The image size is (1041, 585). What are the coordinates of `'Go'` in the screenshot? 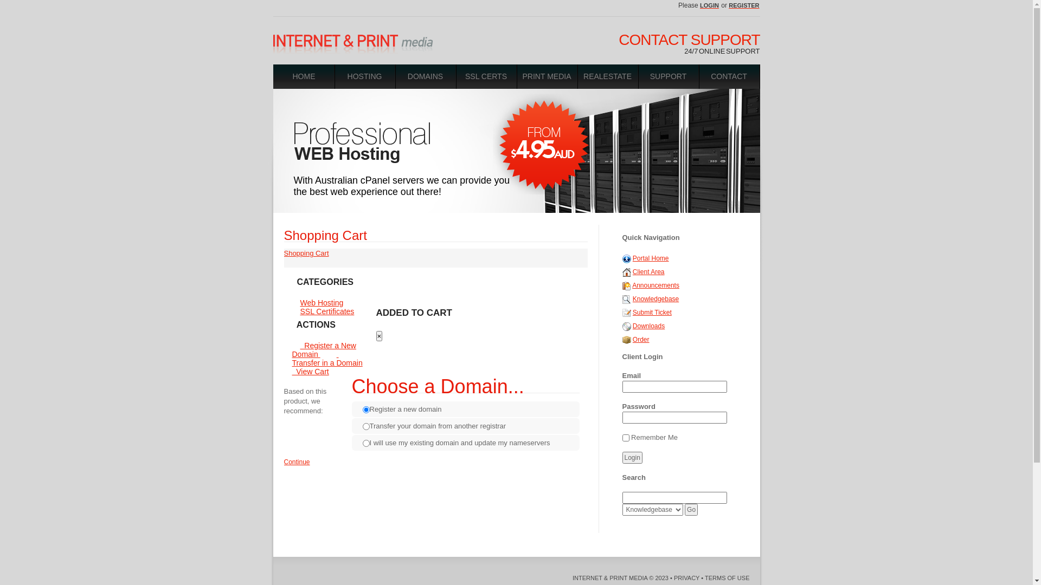 It's located at (691, 510).